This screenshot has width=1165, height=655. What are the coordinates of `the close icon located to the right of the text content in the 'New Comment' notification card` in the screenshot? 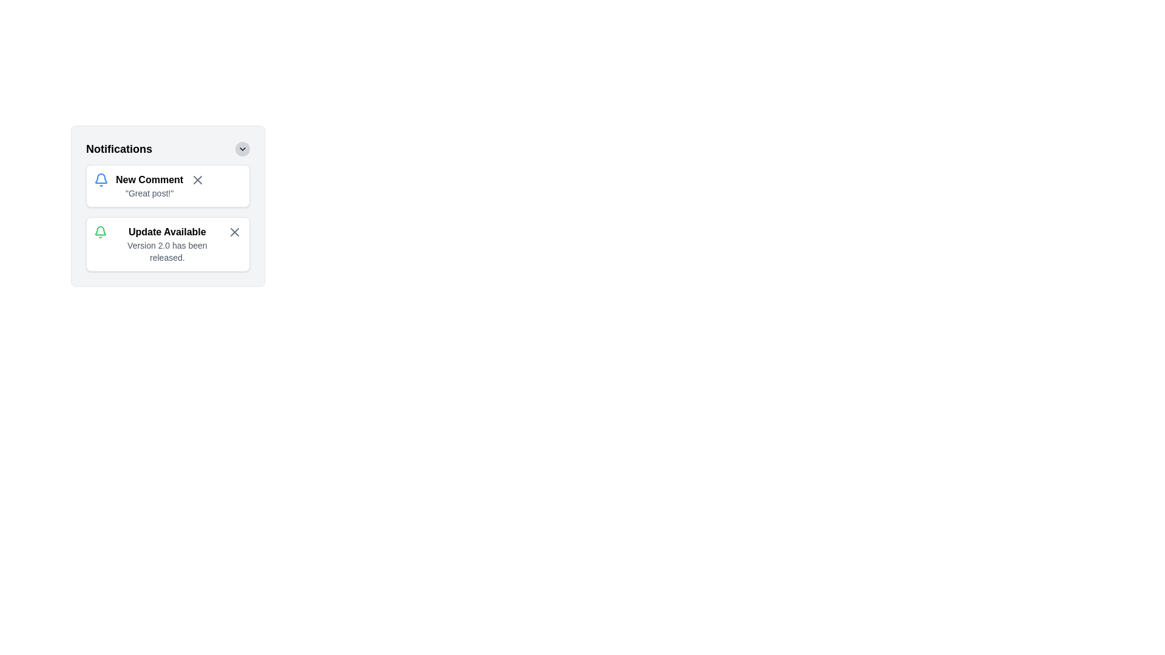 It's located at (198, 180).